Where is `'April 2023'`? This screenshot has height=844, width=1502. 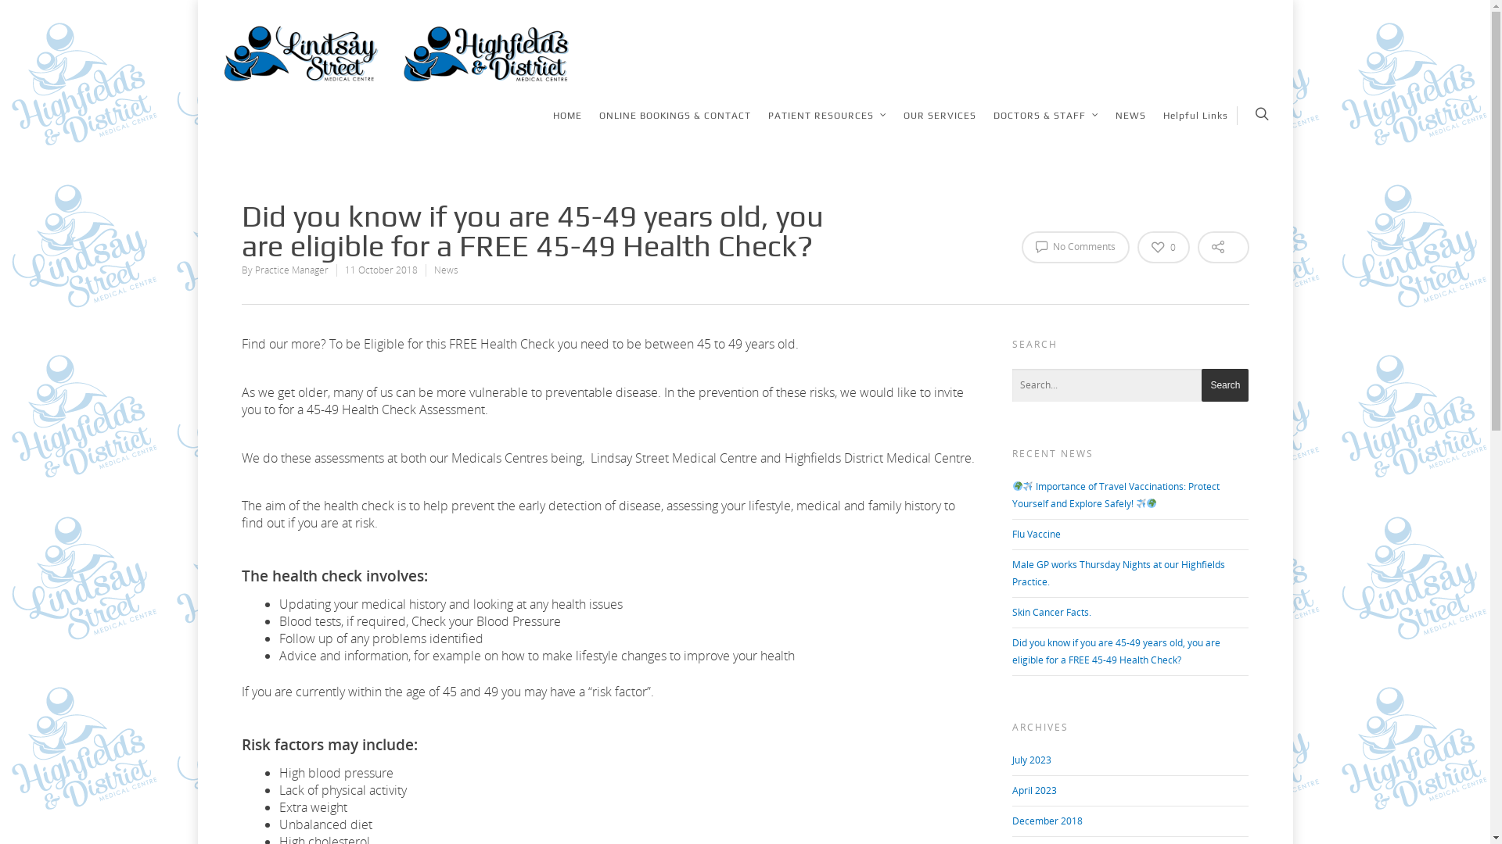 'April 2023' is located at coordinates (1034, 790).